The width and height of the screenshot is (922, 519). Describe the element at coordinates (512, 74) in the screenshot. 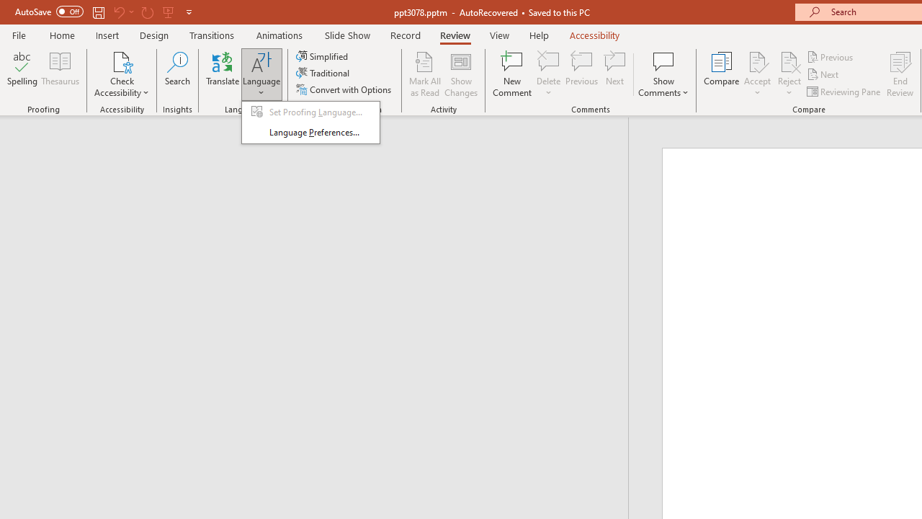

I see `'New Comment'` at that location.